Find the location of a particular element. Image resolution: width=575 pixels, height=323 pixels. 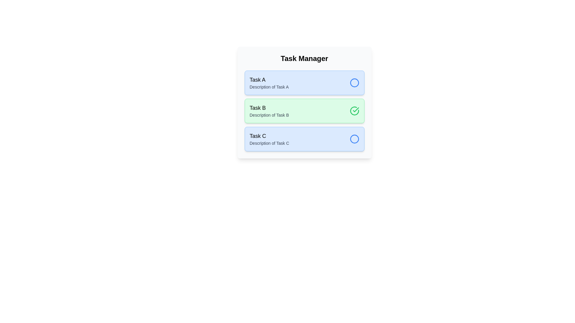

the green circular icon with a checkmark inside, located in the top right corner of the 'Task B' card, to ascertain the completion status is located at coordinates (354, 111).